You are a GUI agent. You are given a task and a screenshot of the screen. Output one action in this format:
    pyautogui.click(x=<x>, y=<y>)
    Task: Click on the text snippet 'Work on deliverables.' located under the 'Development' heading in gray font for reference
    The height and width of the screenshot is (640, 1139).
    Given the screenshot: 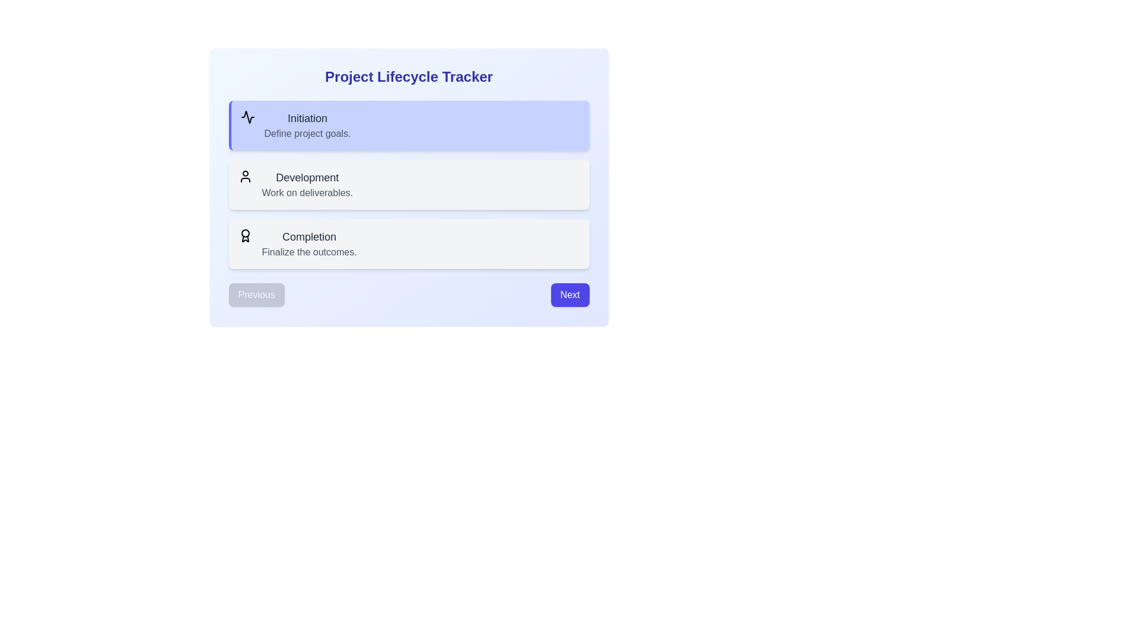 What is the action you would take?
    pyautogui.click(x=307, y=193)
    